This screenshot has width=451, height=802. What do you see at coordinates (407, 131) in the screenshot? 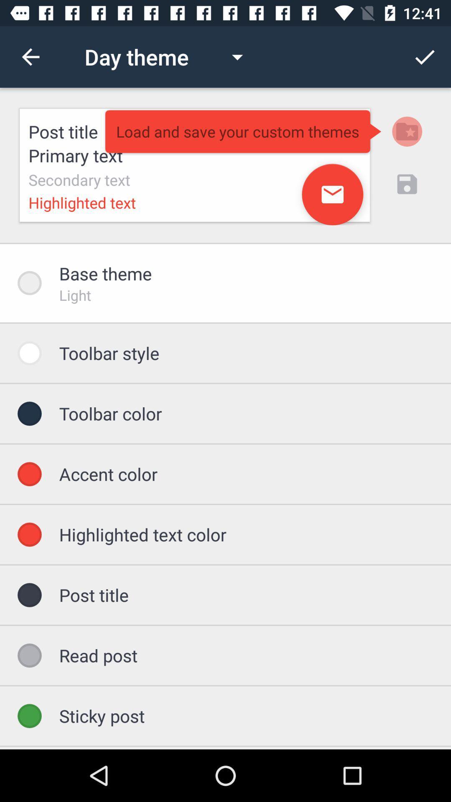
I see `the folder icon on the web page` at bounding box center [407, 131].